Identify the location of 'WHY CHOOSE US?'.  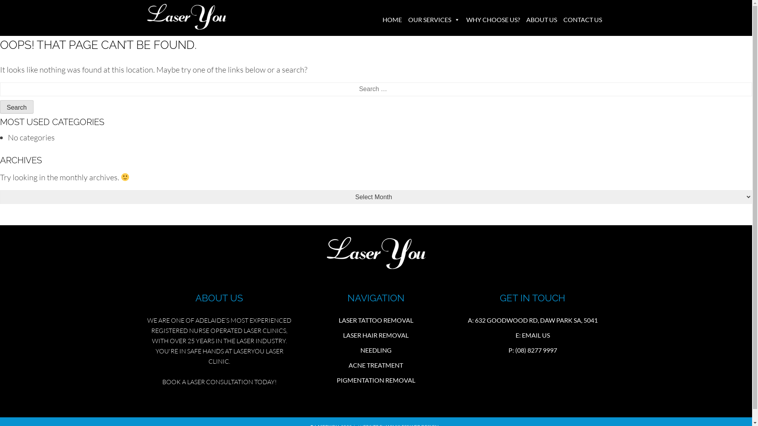
(492, 19).